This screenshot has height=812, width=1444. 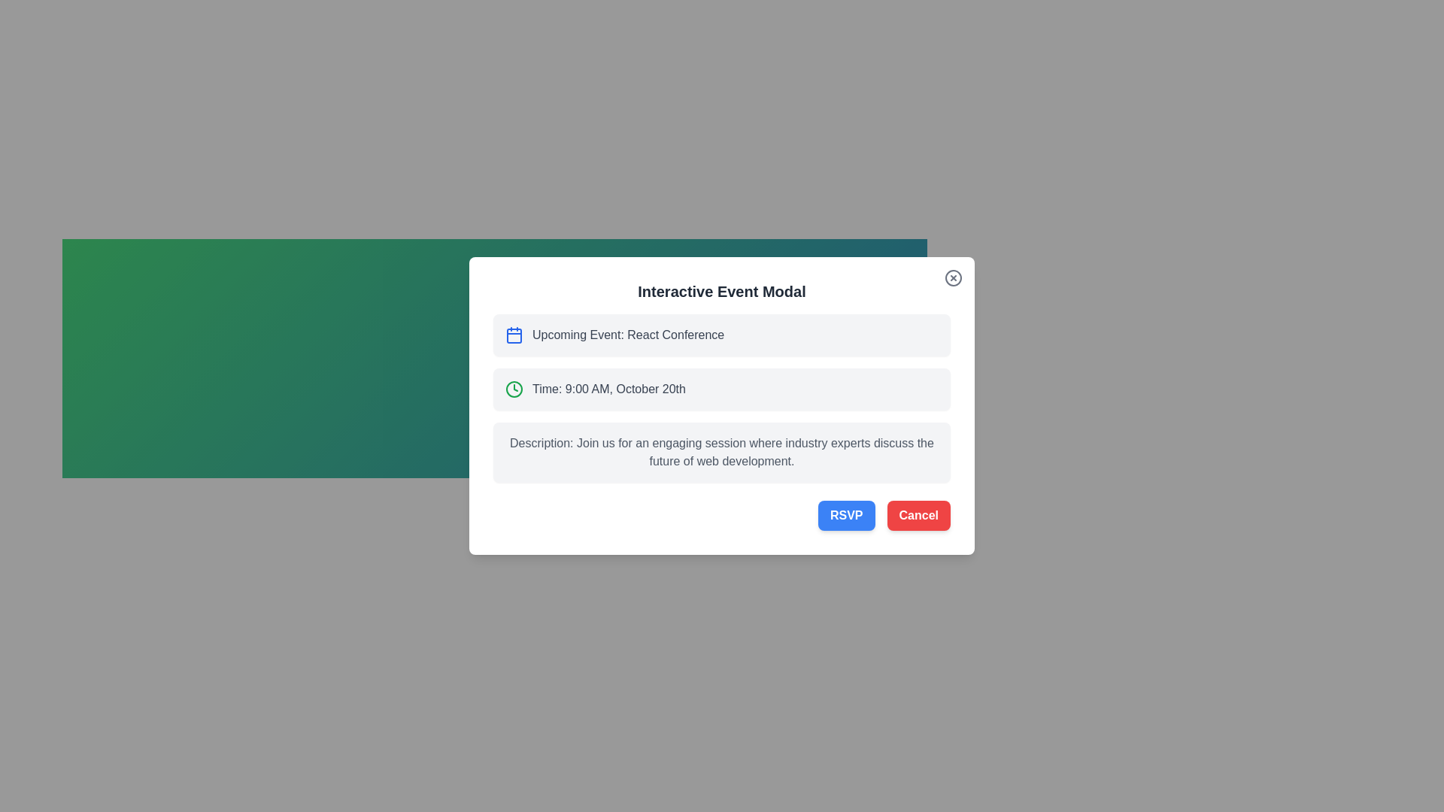 What do you see at coordinates (952, 278) in the screenshot?
I see `the close button, which is a circular button with a cross icon located at the top-right corner of the 'Interactive Event Modal'` at bounding box center [952, 278].